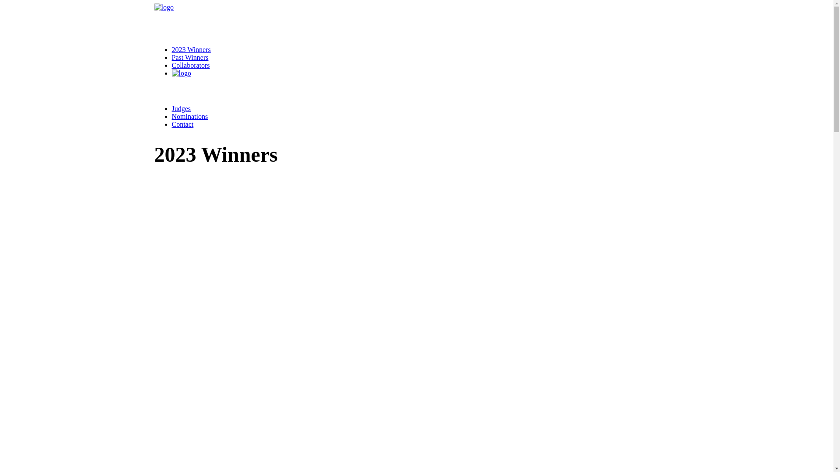 The image size is (840, 472). What do you see at coordinates (190, 49) in the screenshot?
I see `'2023 Winners'` at bounding box center [190, 49].